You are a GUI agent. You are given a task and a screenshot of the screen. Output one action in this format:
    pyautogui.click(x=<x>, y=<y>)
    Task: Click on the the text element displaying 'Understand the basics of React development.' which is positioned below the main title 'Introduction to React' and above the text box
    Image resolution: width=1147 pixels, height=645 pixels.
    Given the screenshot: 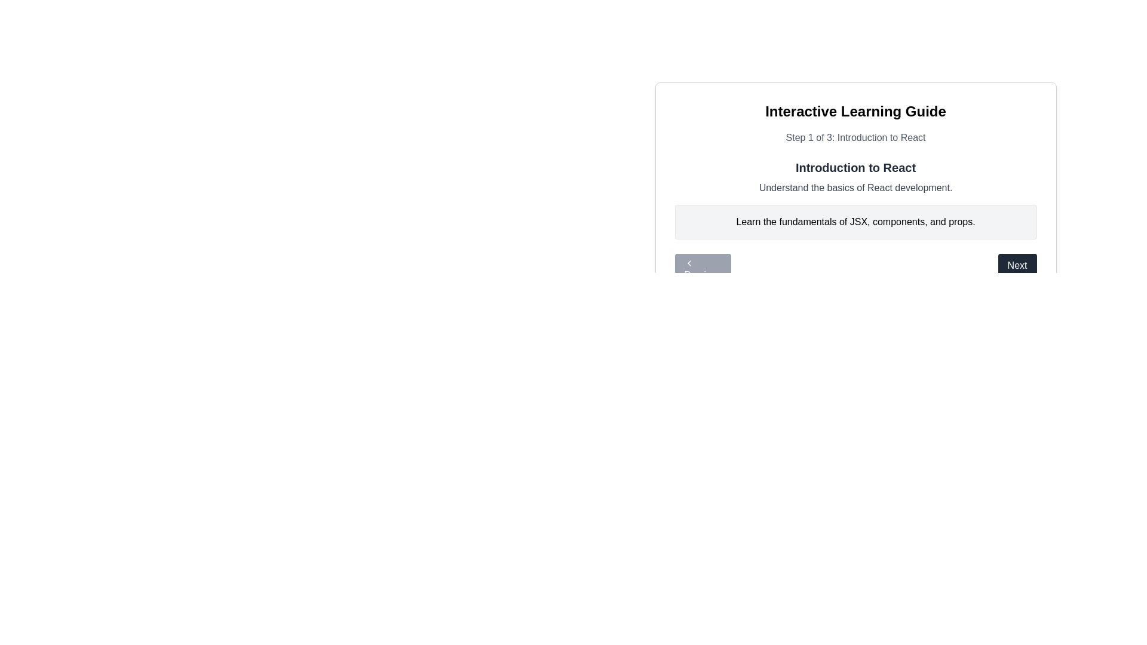 What is the action you would take?
    pyautogui.click(x=855, y=188)
    